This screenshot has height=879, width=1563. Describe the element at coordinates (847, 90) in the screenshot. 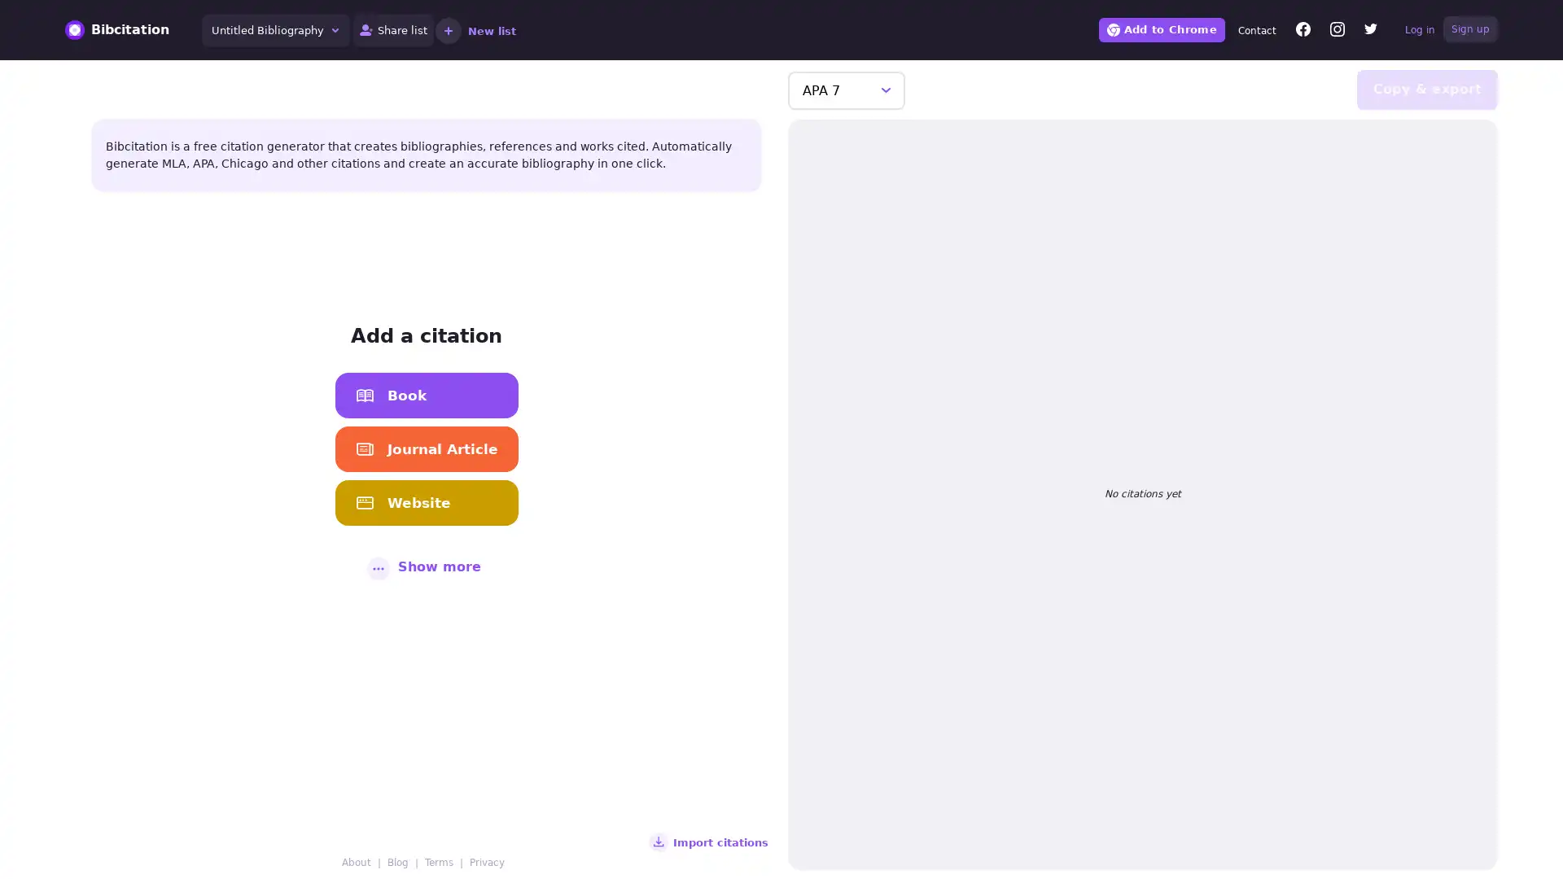

I see `American Psychological Association 7th edition selected, citation style menu` at that location.